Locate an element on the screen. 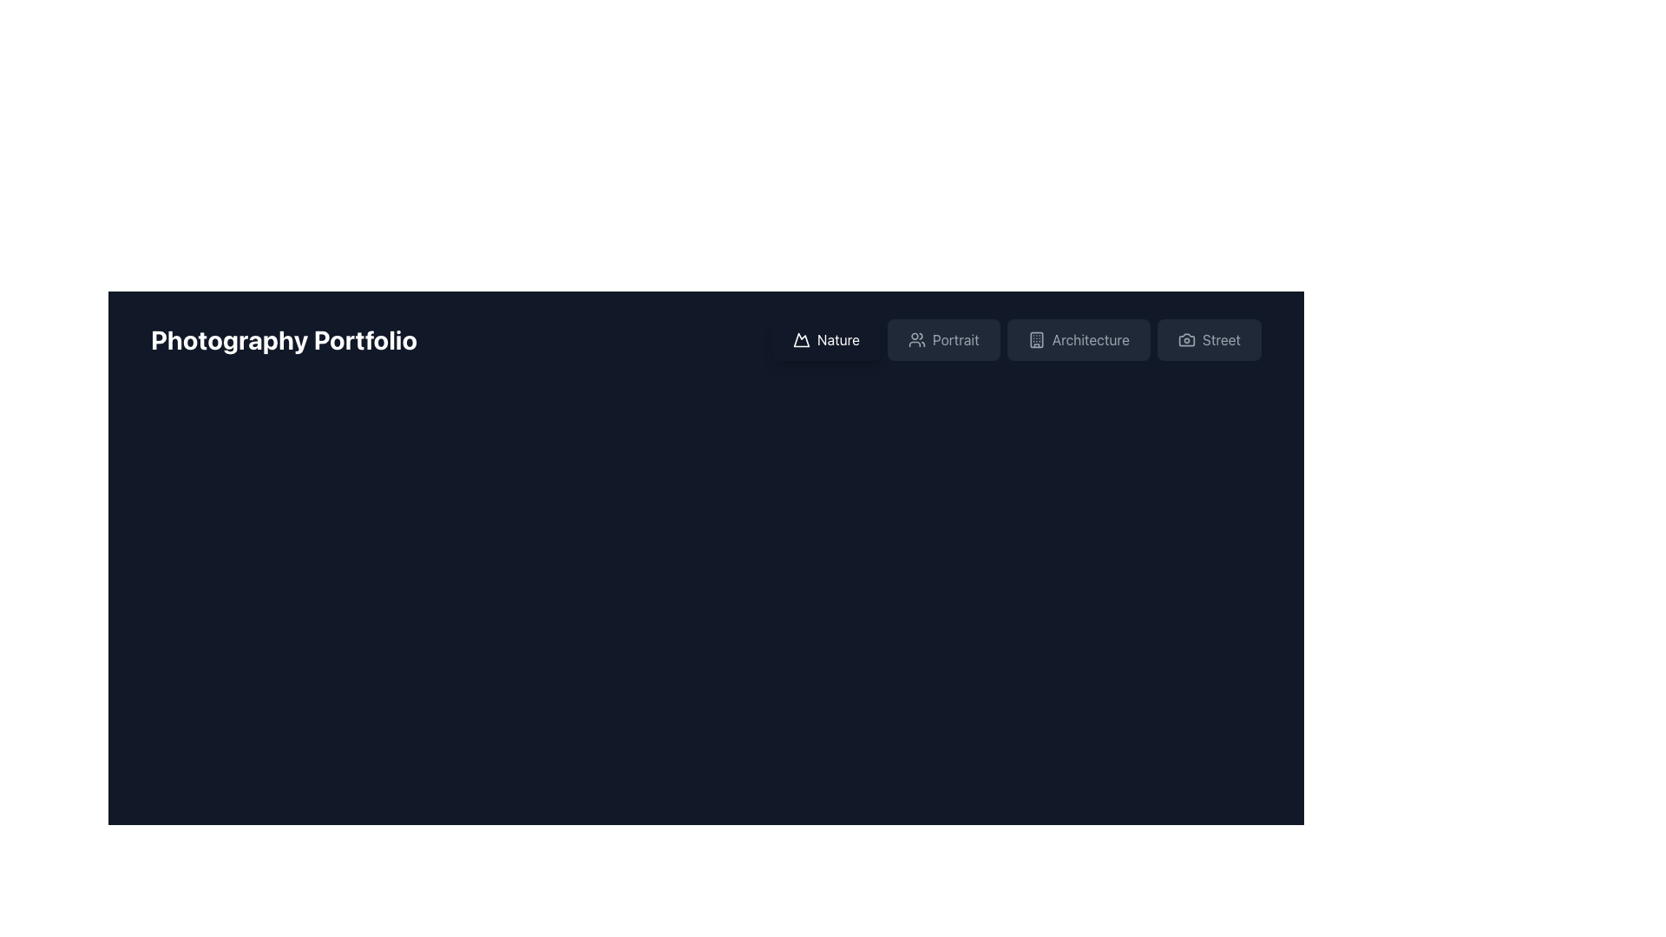  the 'Architecture' text label in the navigation menu is located at coordinates (1090, 340).